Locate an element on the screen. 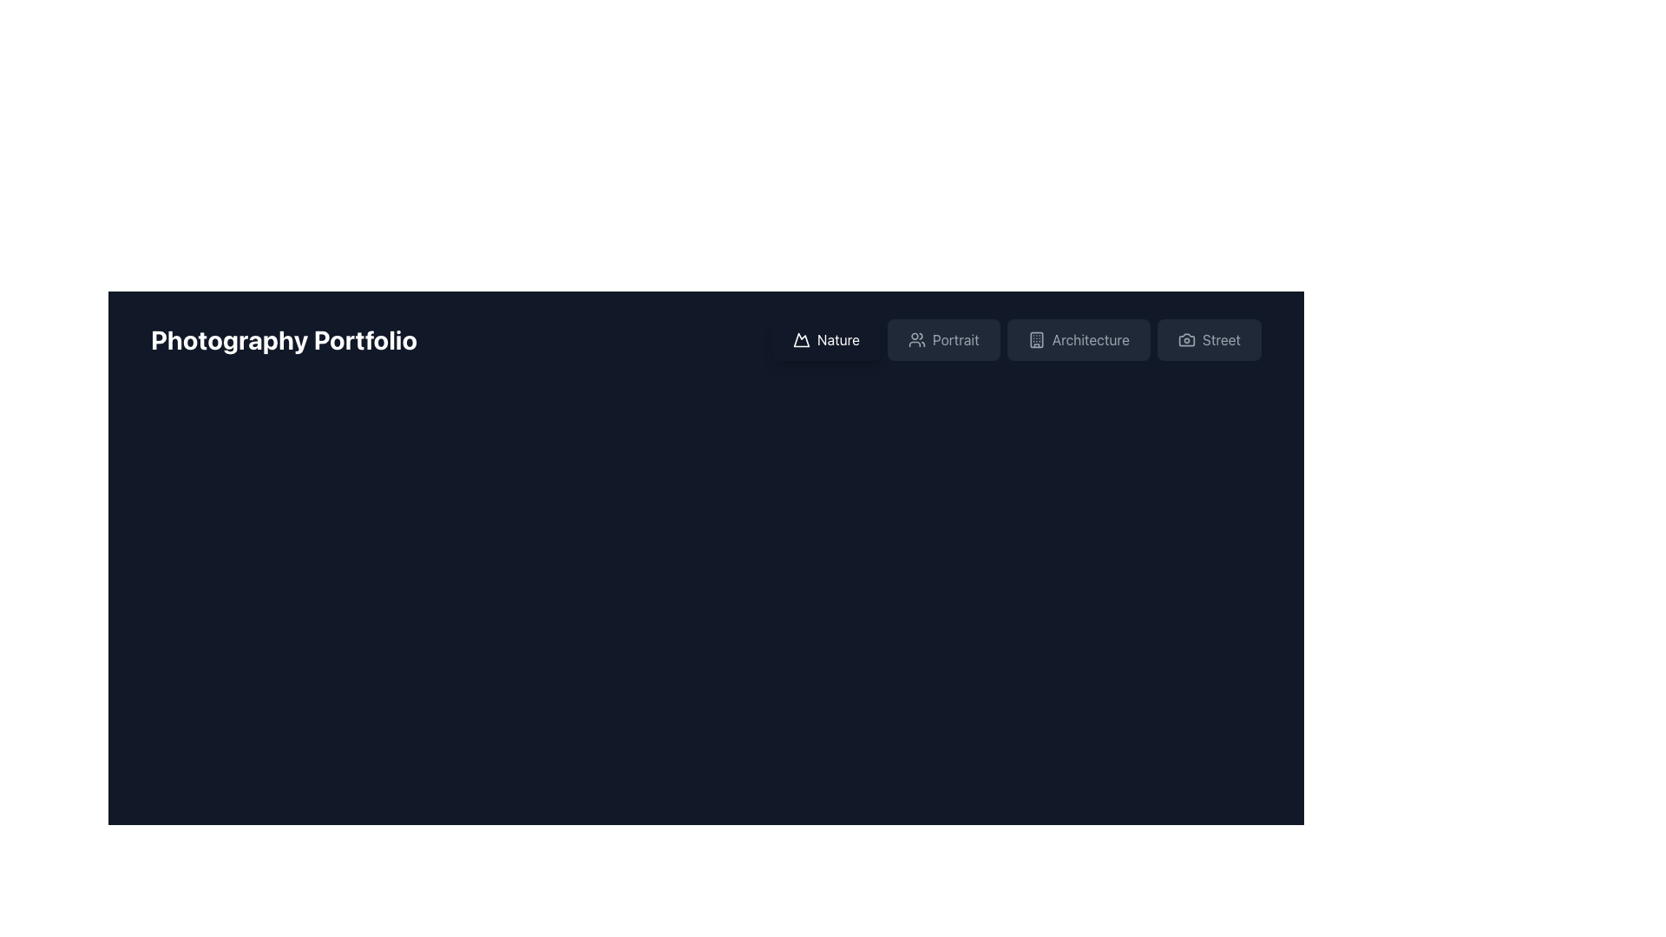  the 'Architecture' text label in the navigation menu is located at coordinates (1090, 340).